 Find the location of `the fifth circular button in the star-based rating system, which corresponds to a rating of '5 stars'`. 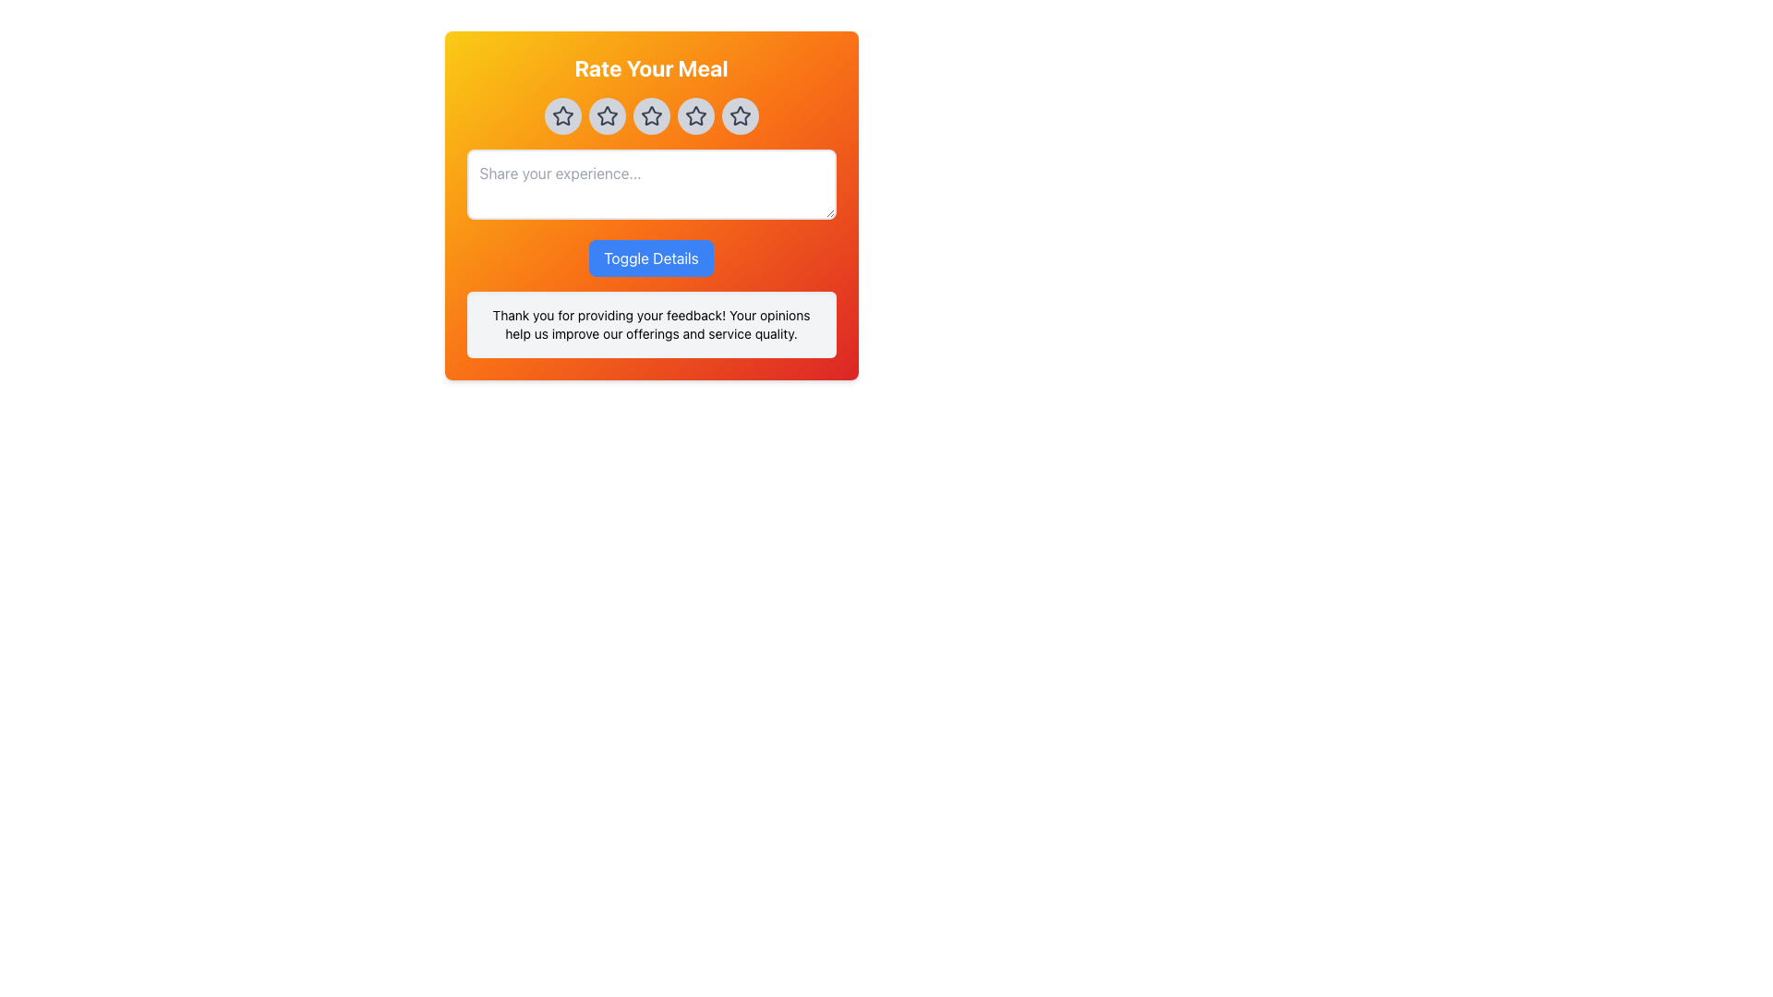

the fifth circular button in the star-based rating system, which corresponds to a rating of '5 stars' is located at coordinates (740, 116).